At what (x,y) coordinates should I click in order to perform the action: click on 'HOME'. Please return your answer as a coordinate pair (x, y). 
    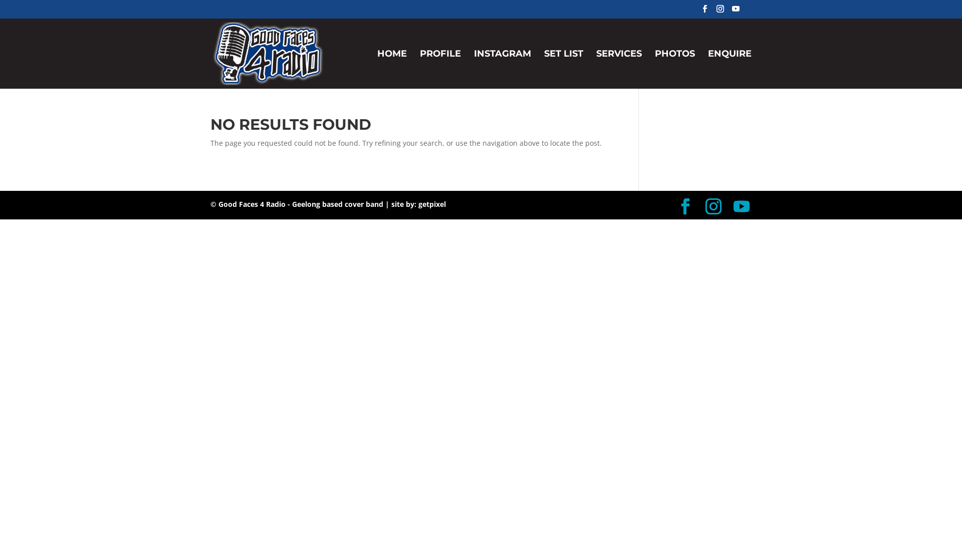
    Looking at the image, I should click on (377, 69).